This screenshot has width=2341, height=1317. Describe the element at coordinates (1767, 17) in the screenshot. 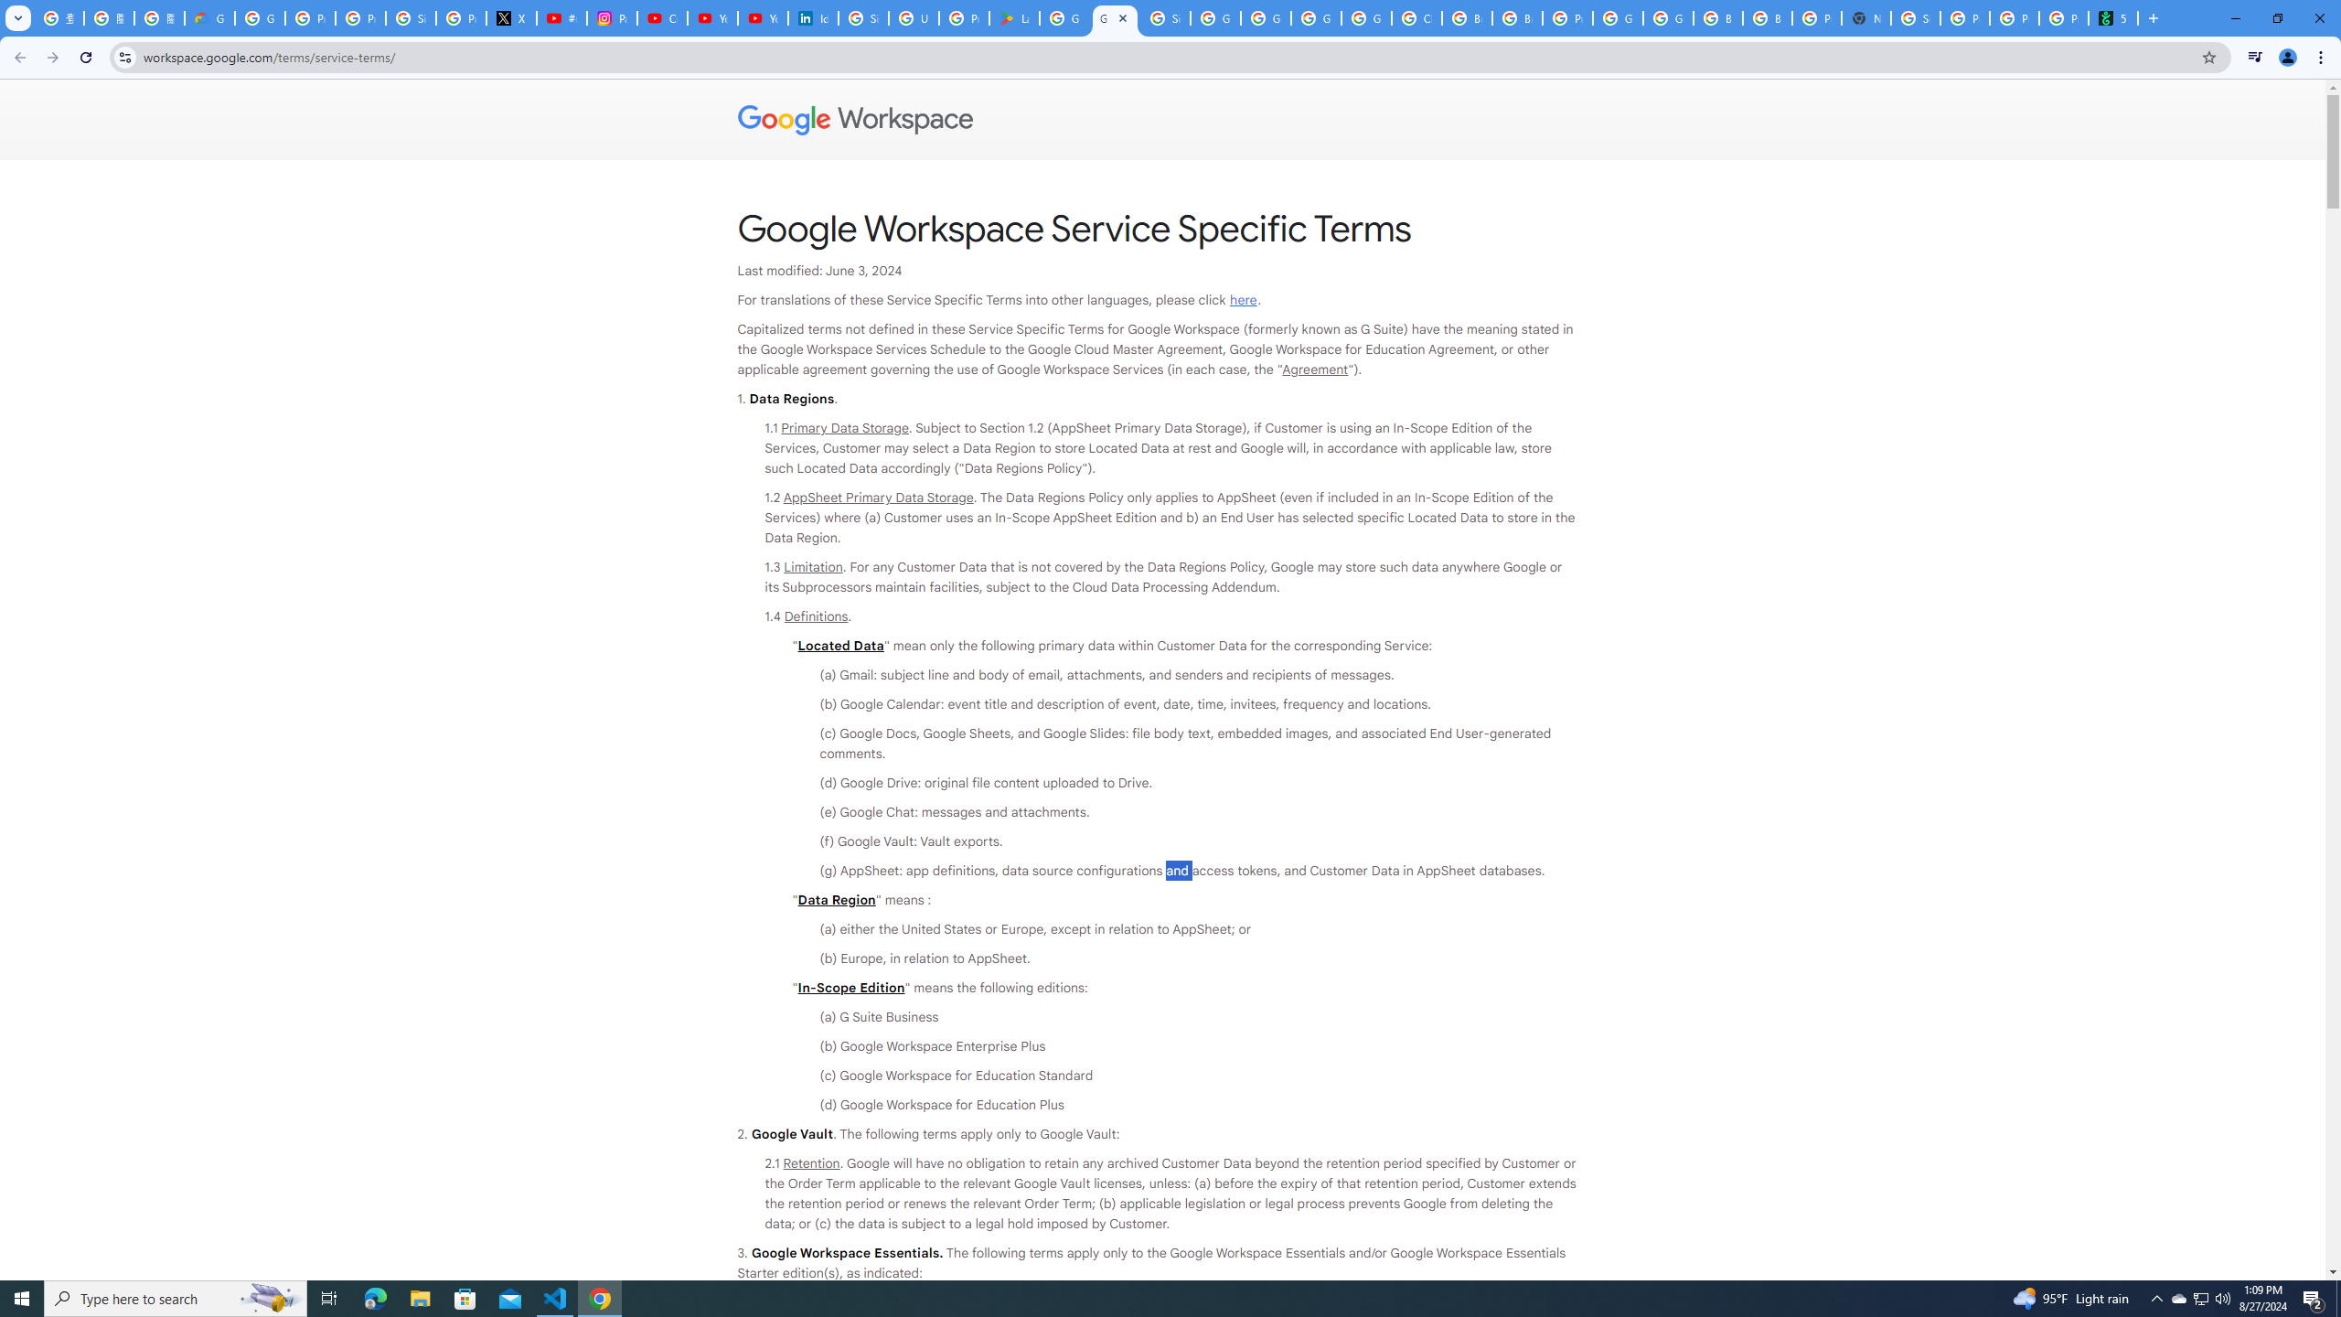

I see `'Browse Chrome as a guest - Computer - Google Chrome Help'` at that location.